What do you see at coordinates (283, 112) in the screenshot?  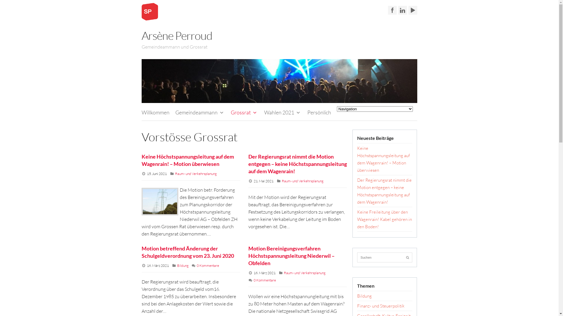 I see `'Wahlen 2021'` at bounding box center [283, 112].